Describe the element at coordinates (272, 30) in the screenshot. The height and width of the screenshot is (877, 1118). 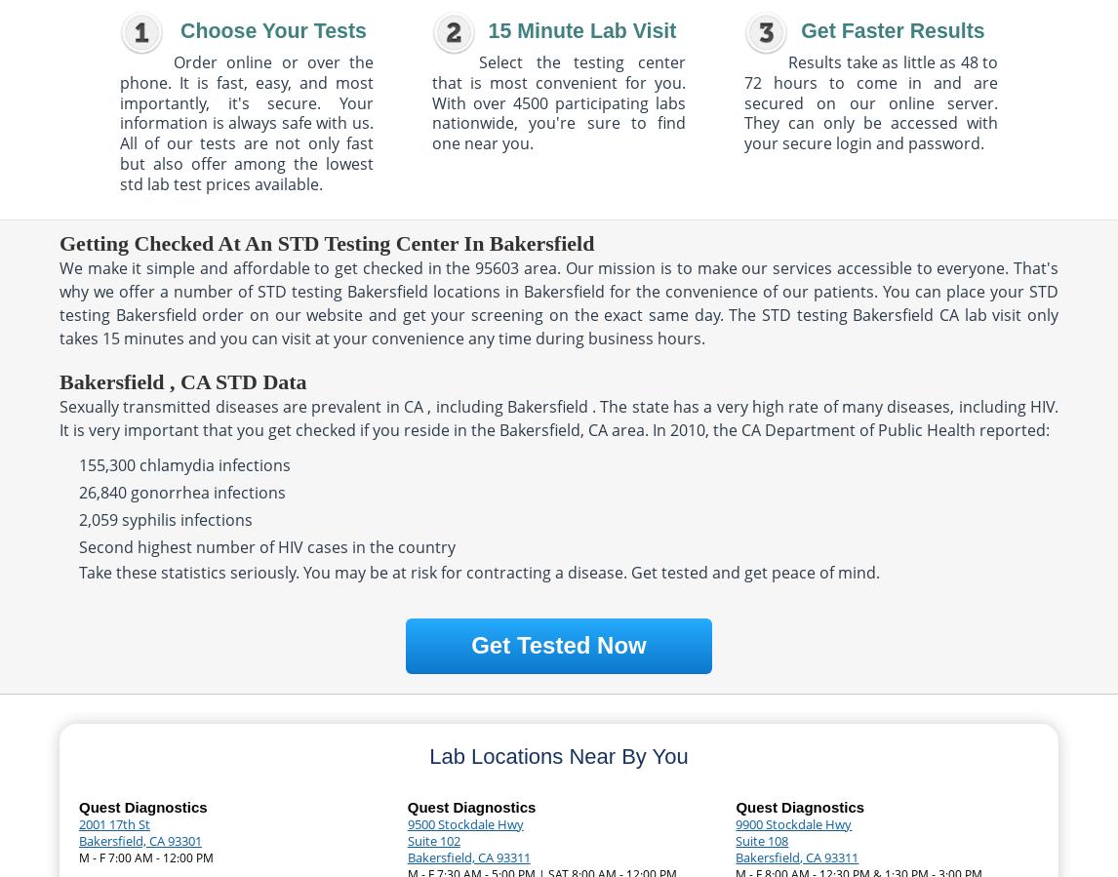
I see `'Choose Your Tests'` at that location.